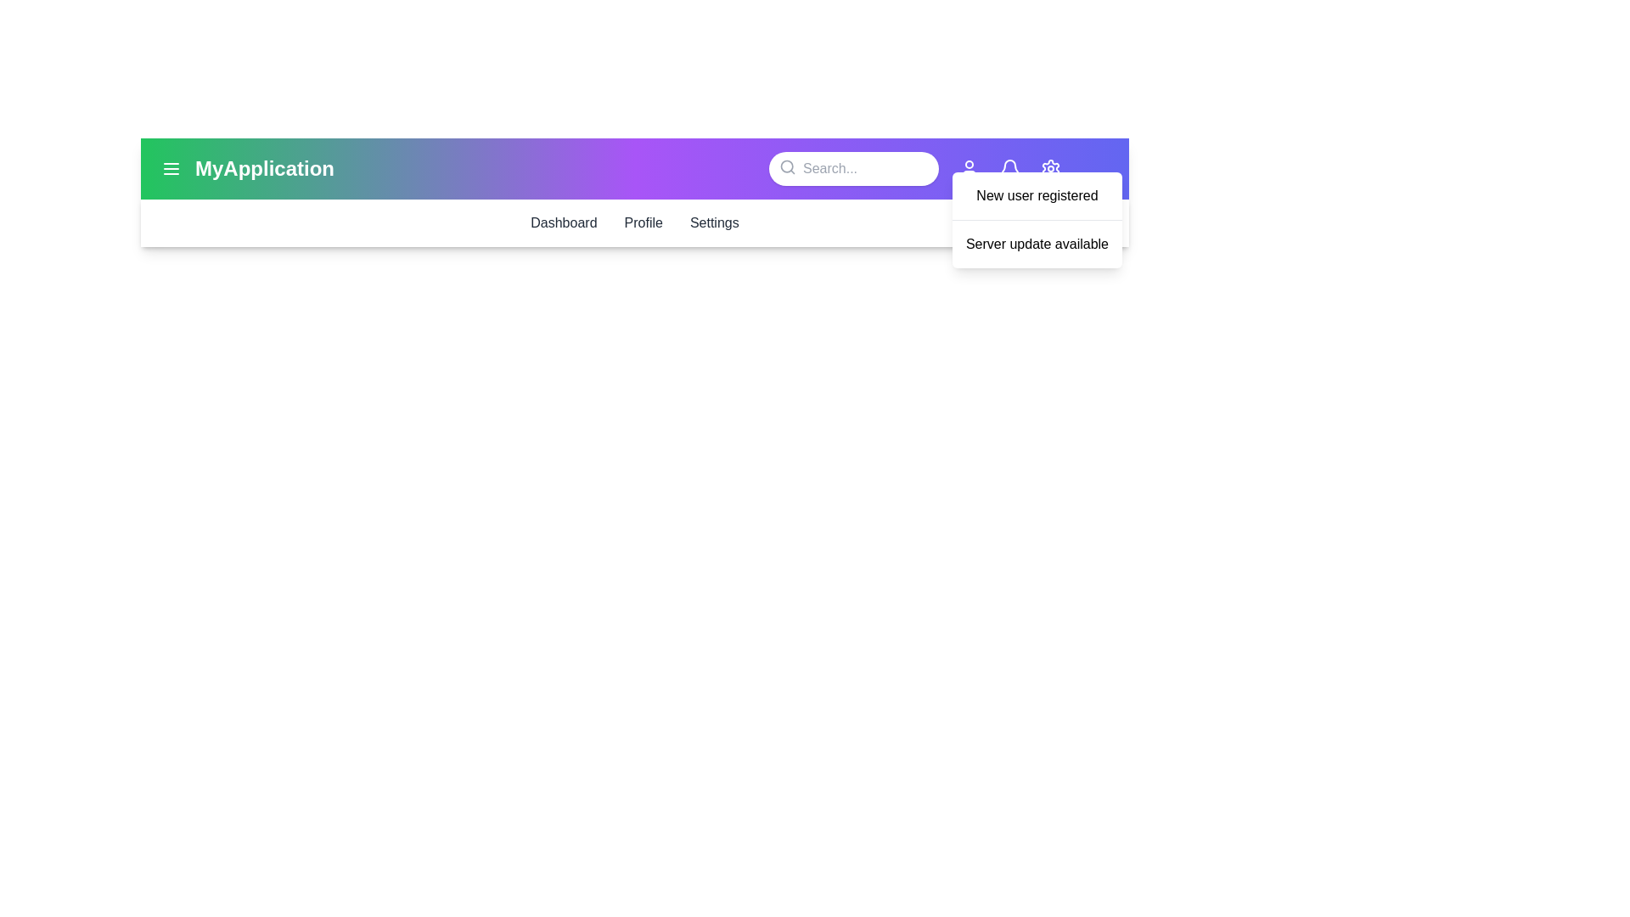 This screenshot has height=917, width=1630. Describe the element at coordinates (171, 169) in the screenshot. I see `the menu button to toggle the menu open/close state` at that location.